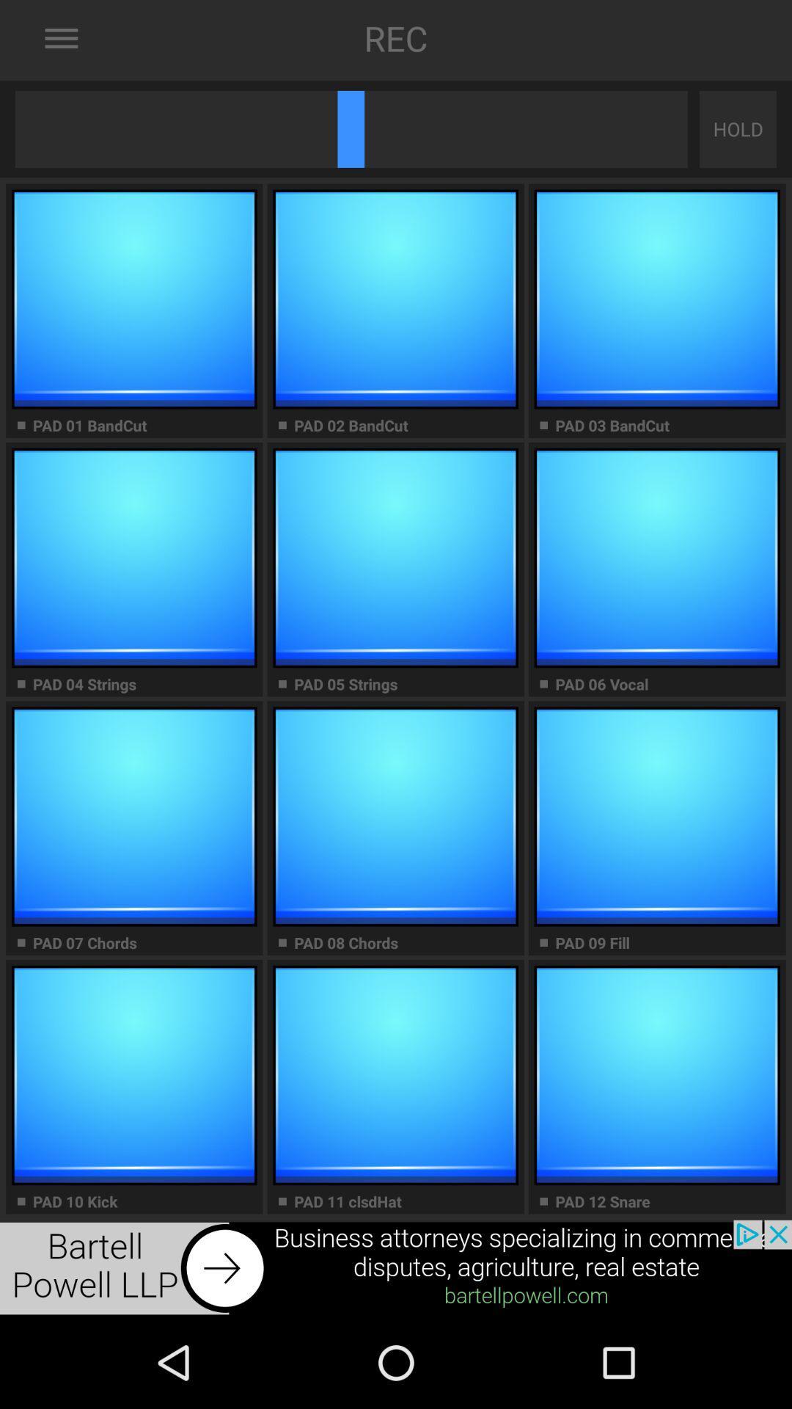 Image resolution: width=792 pixels, height=1409 pixels. I want to click on the menu icon, so click(61, 41).